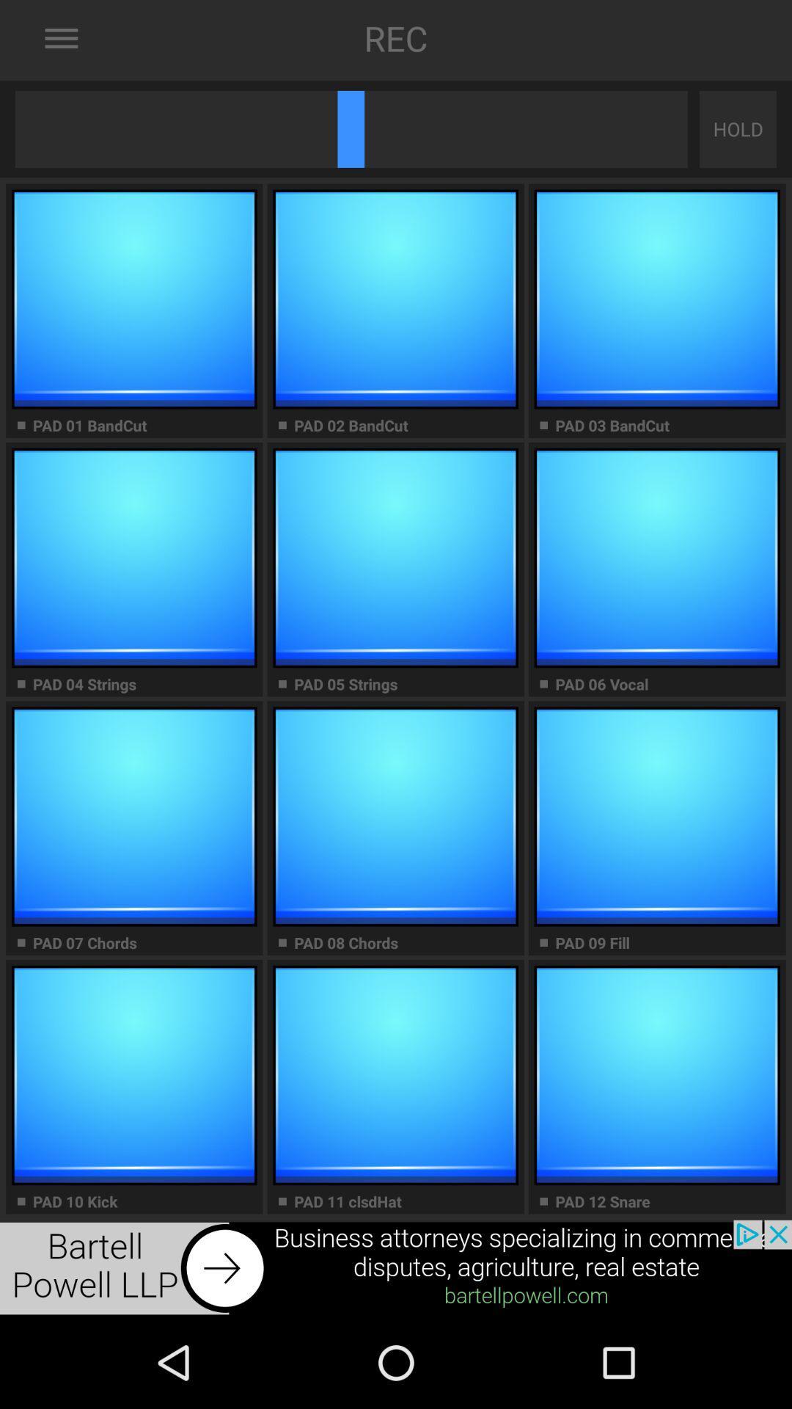 Image resolution: width=792 pixels, height=1409 pixels. I want to click on the menu icon, so click(61, 41).